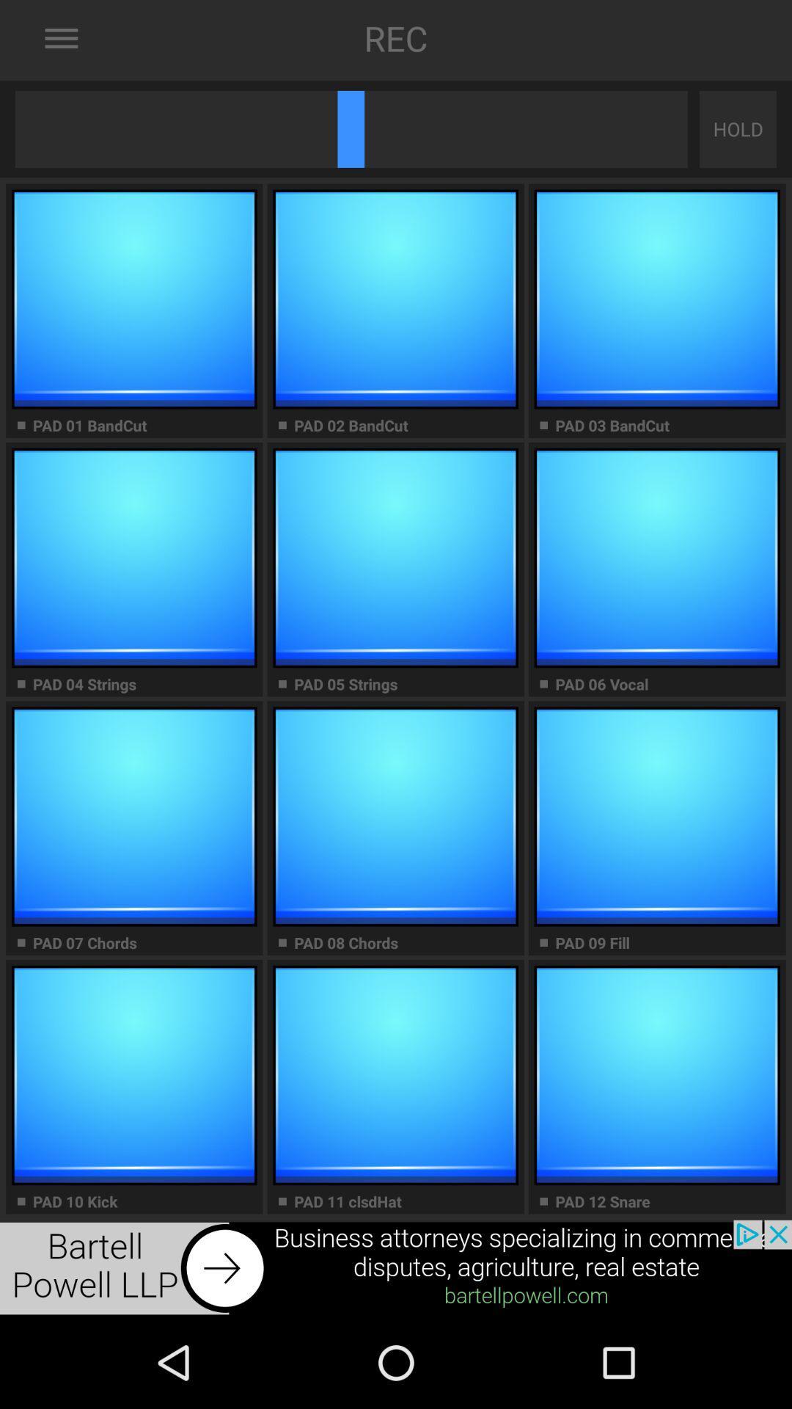 Image resolution: width=792 pixels, height=1409 pixels. I want to click on the menu icon, so click(61, 41).